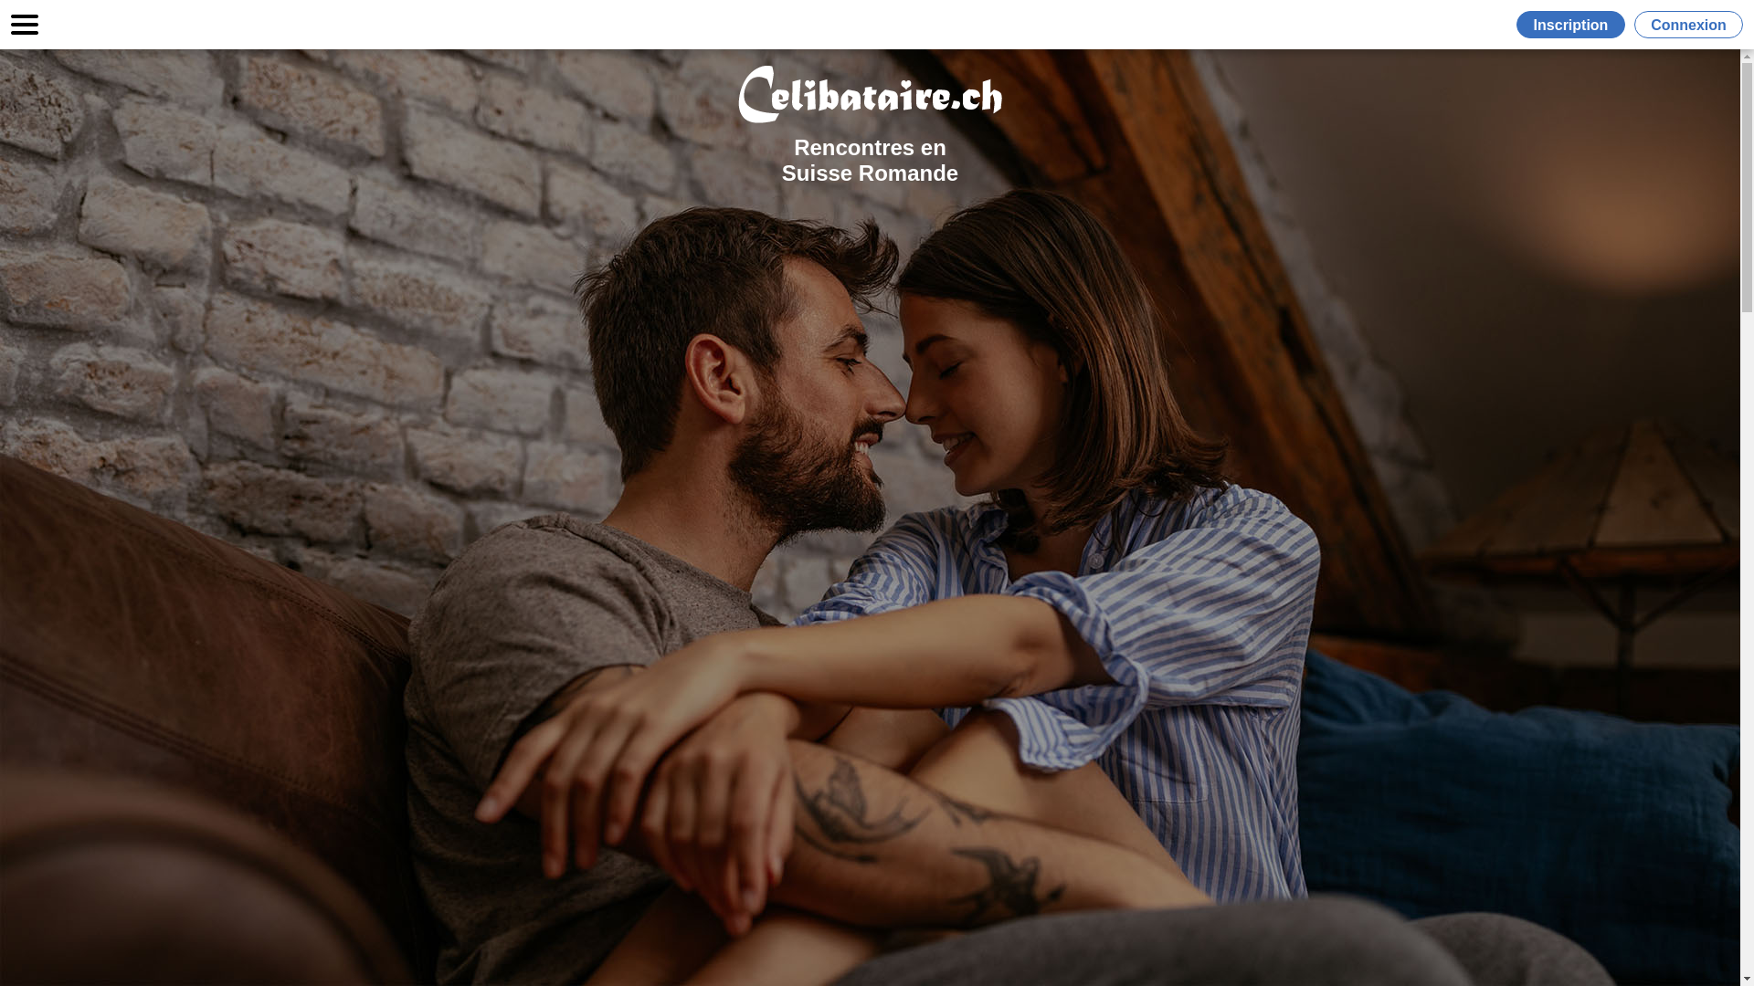 The height and width of the screenshot is (986, 1754). Describe the element at coordinates (1687, 25) in the screenshot. I see `'Connexion'` at that location.